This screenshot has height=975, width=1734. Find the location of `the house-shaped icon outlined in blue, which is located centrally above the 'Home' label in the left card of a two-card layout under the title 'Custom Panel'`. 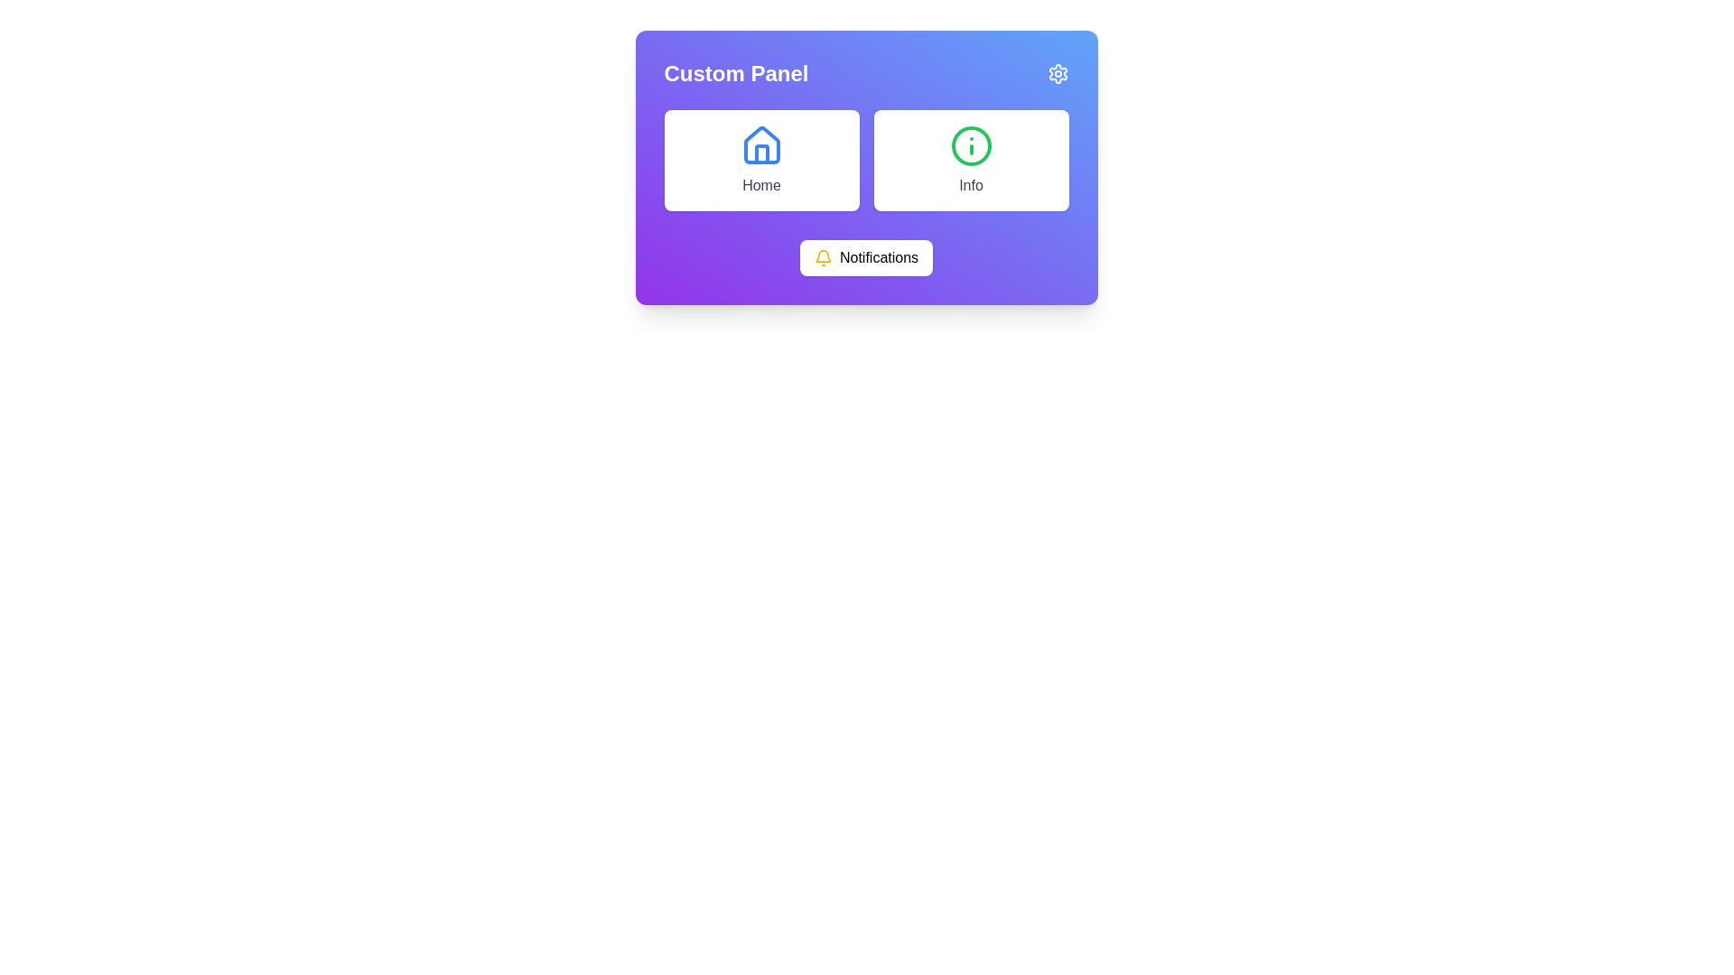

the house-shaped icon outlined in blue, which is located centrally above the 'Home' label in the left card of a two-card layout under the title 'Custom Panel' is located at coordinates (761, 144).